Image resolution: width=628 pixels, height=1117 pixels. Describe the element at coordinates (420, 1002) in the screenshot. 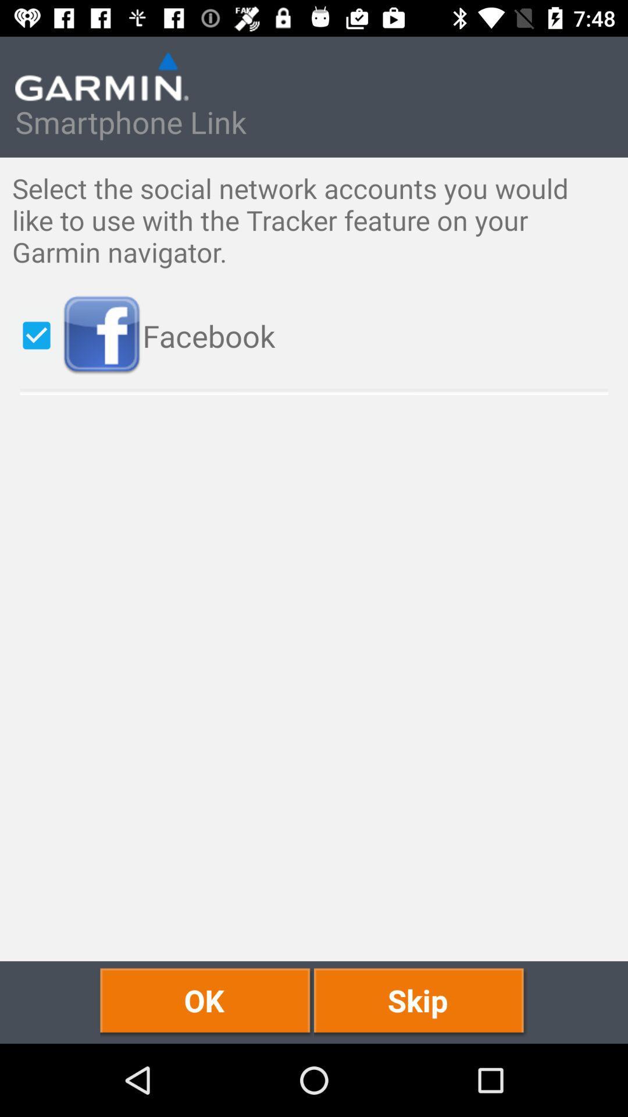

I see `the item next to ok item` at that location.